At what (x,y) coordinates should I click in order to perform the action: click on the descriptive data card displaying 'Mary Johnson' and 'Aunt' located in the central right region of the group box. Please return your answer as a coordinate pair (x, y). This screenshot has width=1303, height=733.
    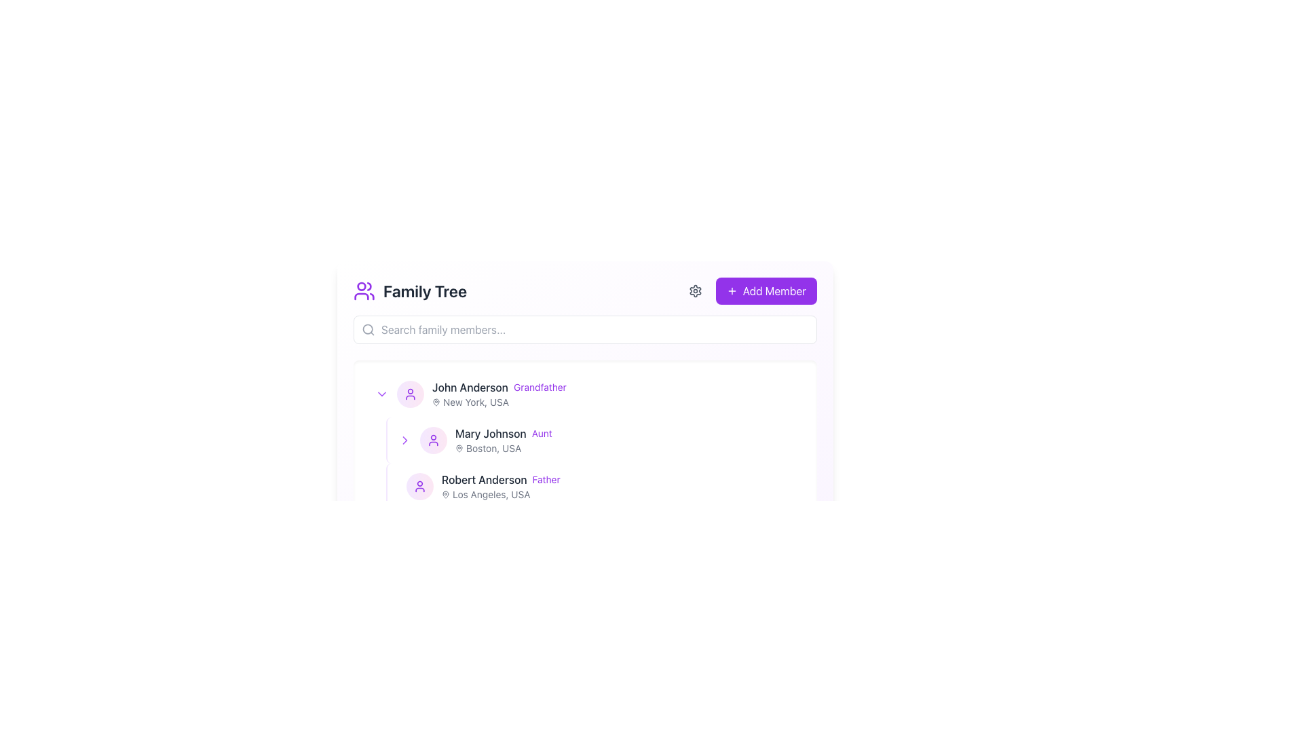
    Looking at the image, I should click on (626, 440).